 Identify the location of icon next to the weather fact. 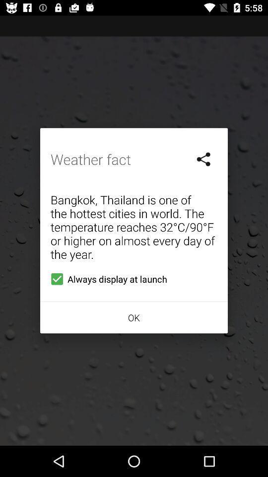
(203, 159).